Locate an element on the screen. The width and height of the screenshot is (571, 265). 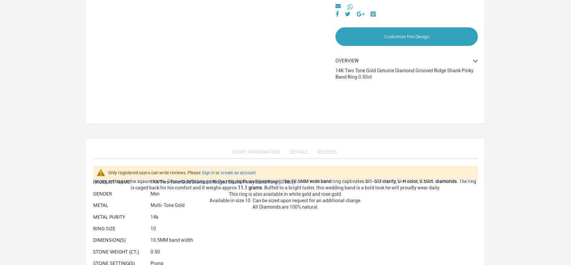
'This ring is also available in white gold and rose gold.' is located at coordinates (285, 194).